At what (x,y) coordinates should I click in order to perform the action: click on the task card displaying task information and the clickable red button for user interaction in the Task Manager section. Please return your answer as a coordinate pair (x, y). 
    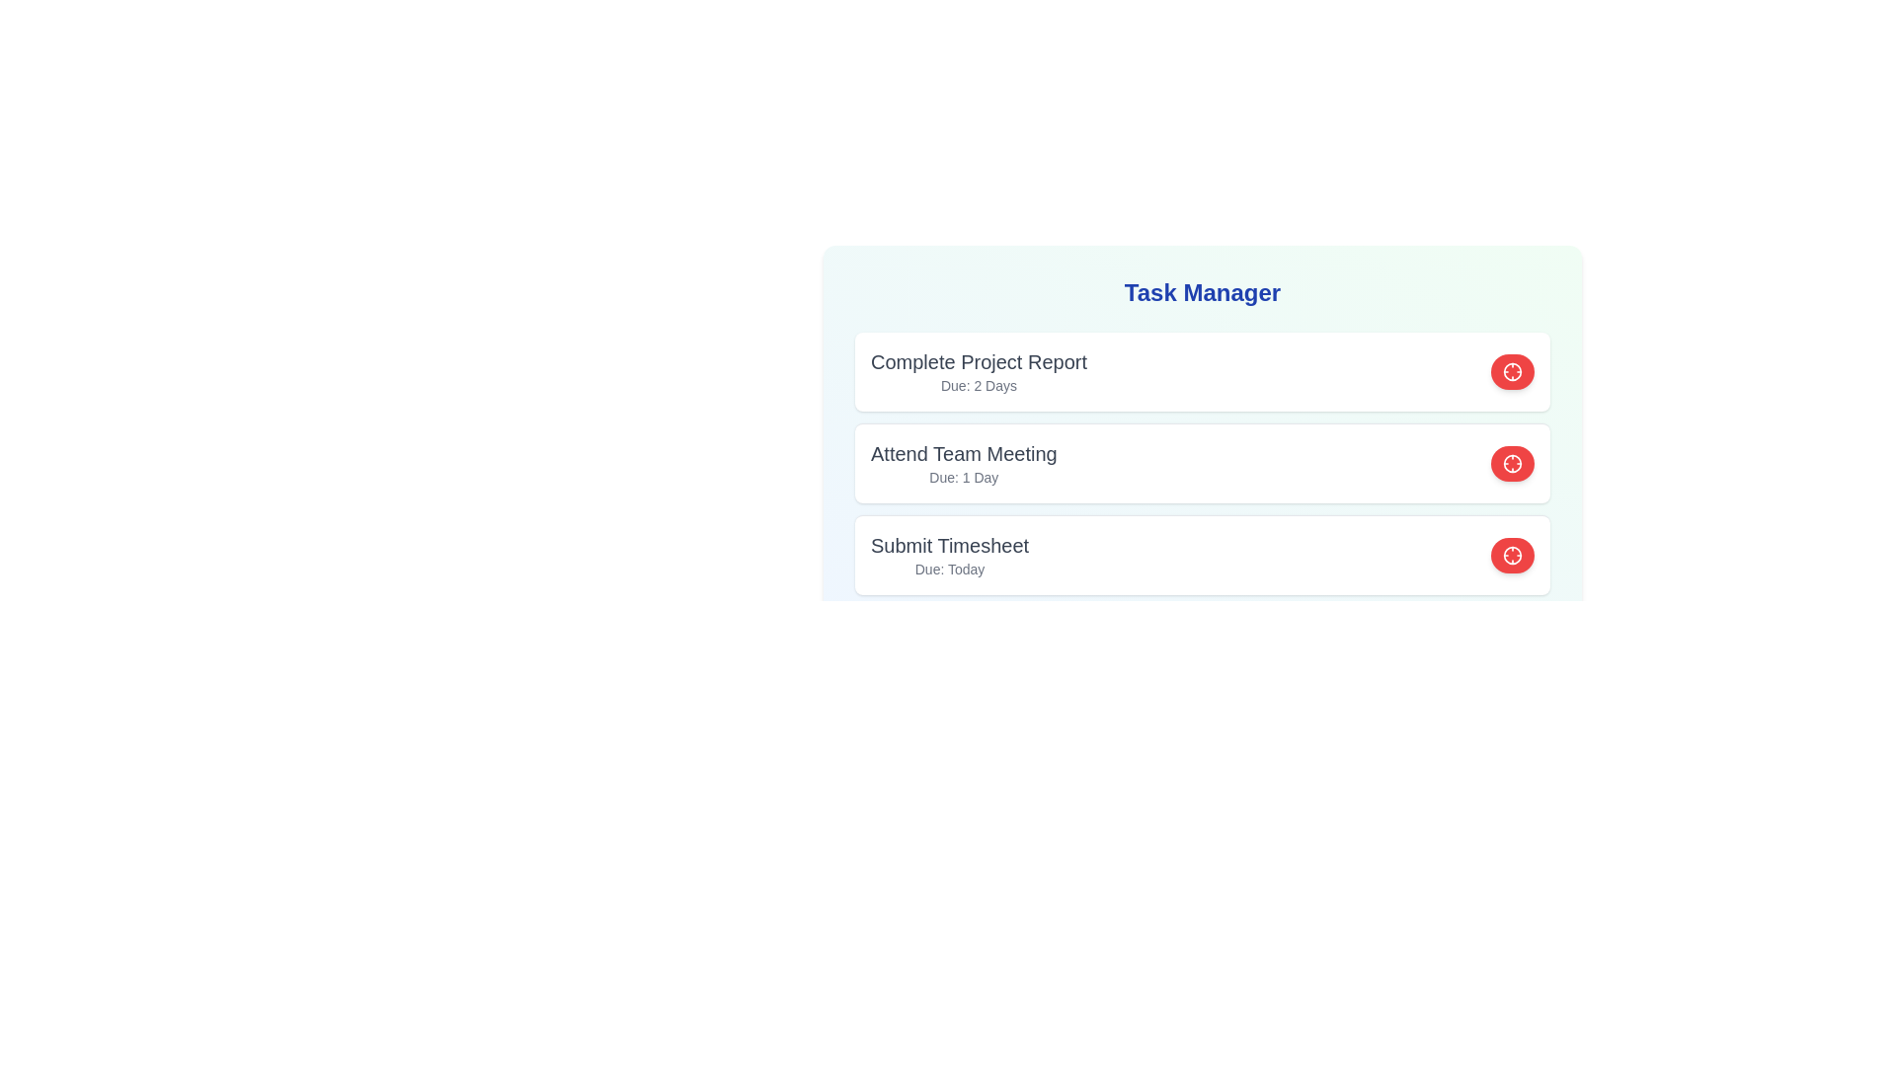
    Looking at the image, I should click on (1202, 555).